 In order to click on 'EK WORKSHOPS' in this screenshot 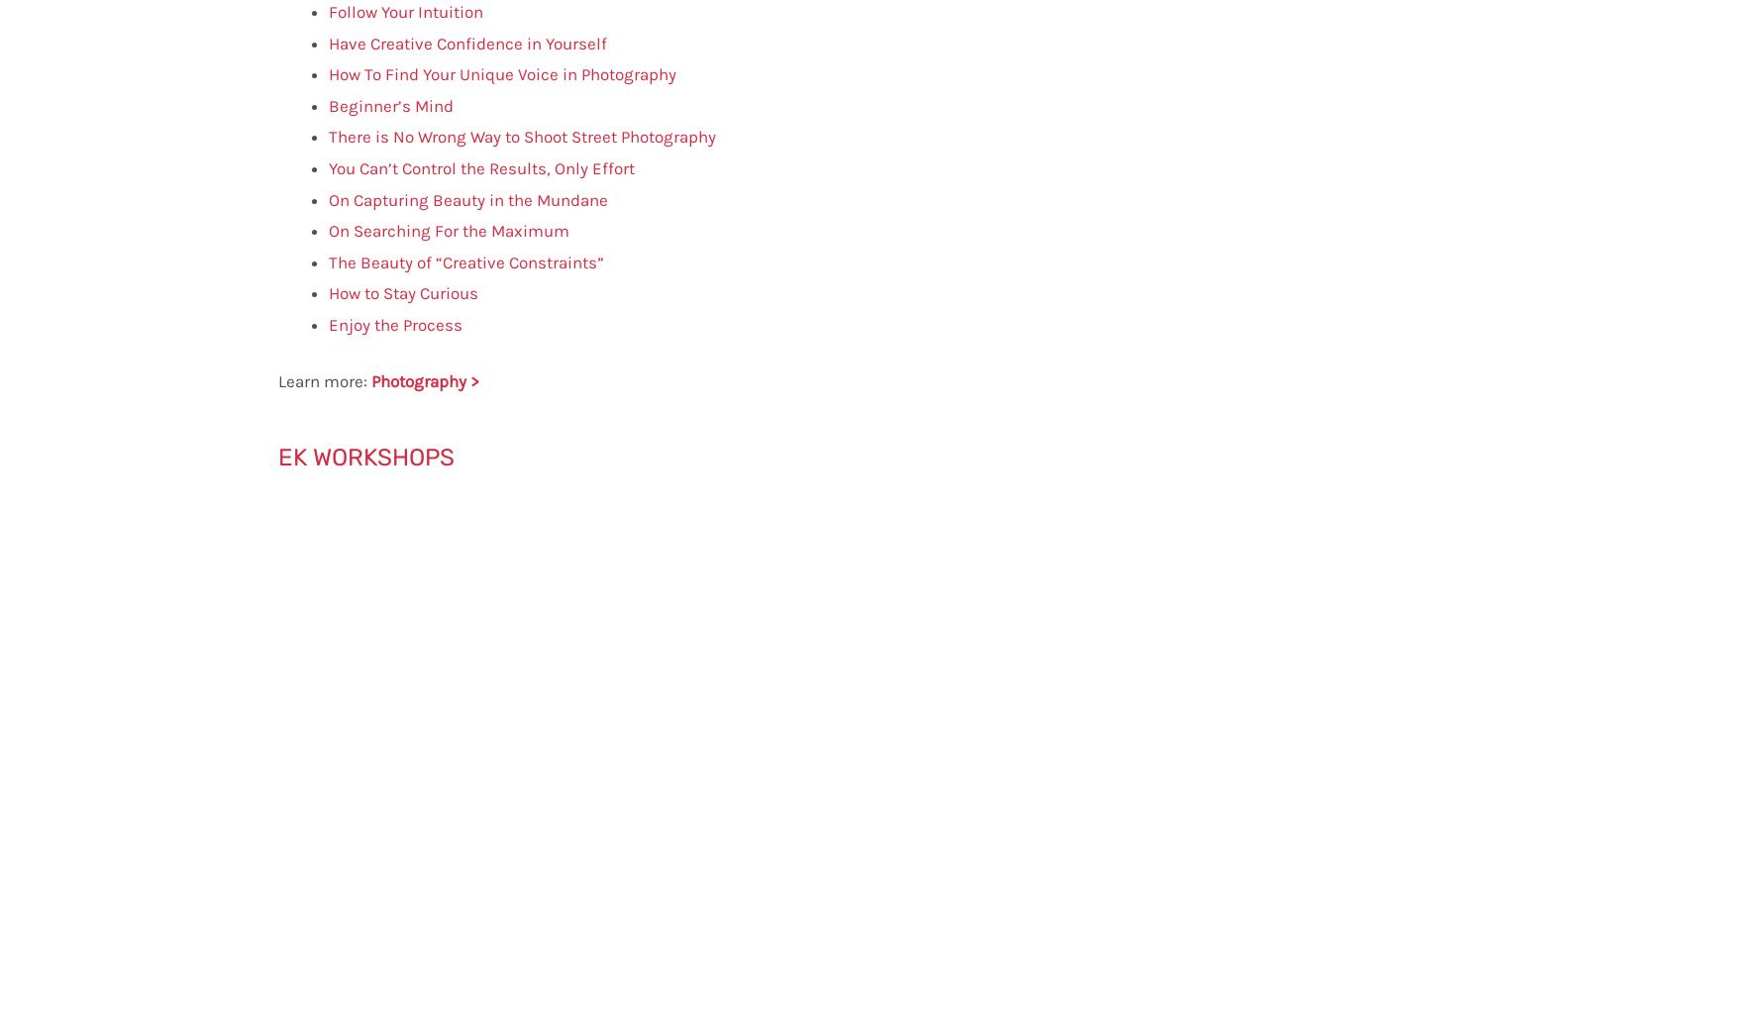, I will do `click(366, 457)`.